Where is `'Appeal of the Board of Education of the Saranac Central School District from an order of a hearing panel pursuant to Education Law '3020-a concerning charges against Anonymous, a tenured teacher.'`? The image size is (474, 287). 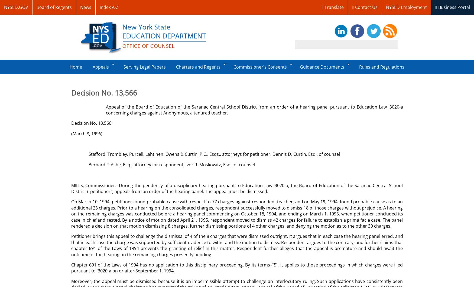 'Appeal of the Board of Education of the Saranac Central School District from an order of a hearing panel pursuant to Education Law '3020-a concerning charges against Anonymous, a tenured teacher.' is located at coordinates (254, 109).